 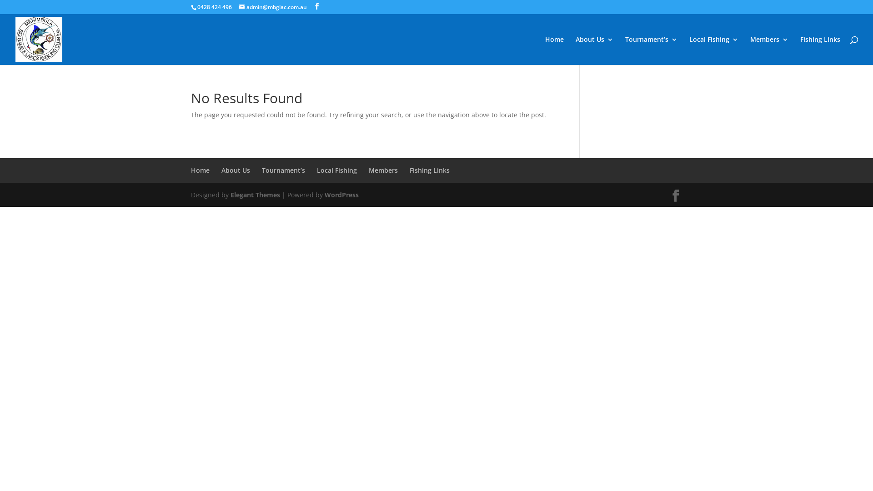 What do you see at coordinates (820, 50) in the screenshot?
I see `'Fishing Links'` at bounding box center [820, 50].